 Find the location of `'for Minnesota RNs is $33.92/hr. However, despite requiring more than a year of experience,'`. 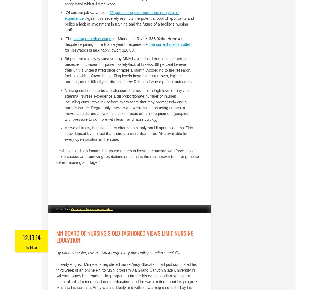

'for Minnesota RNs is $33.92/hr. However, despite requiring more than a year of experience,' is located at coordinates (124, 41).